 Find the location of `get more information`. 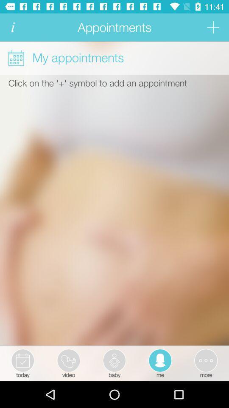

get more information is located at coordinates (12, 27).